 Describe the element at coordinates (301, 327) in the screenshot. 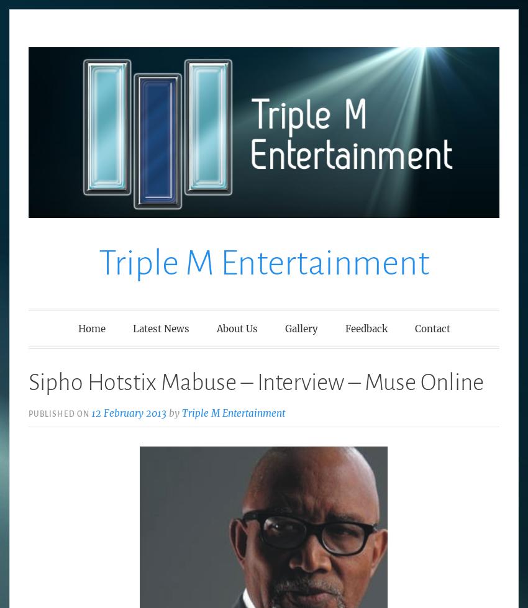

I see `'Gallery'` at that location.